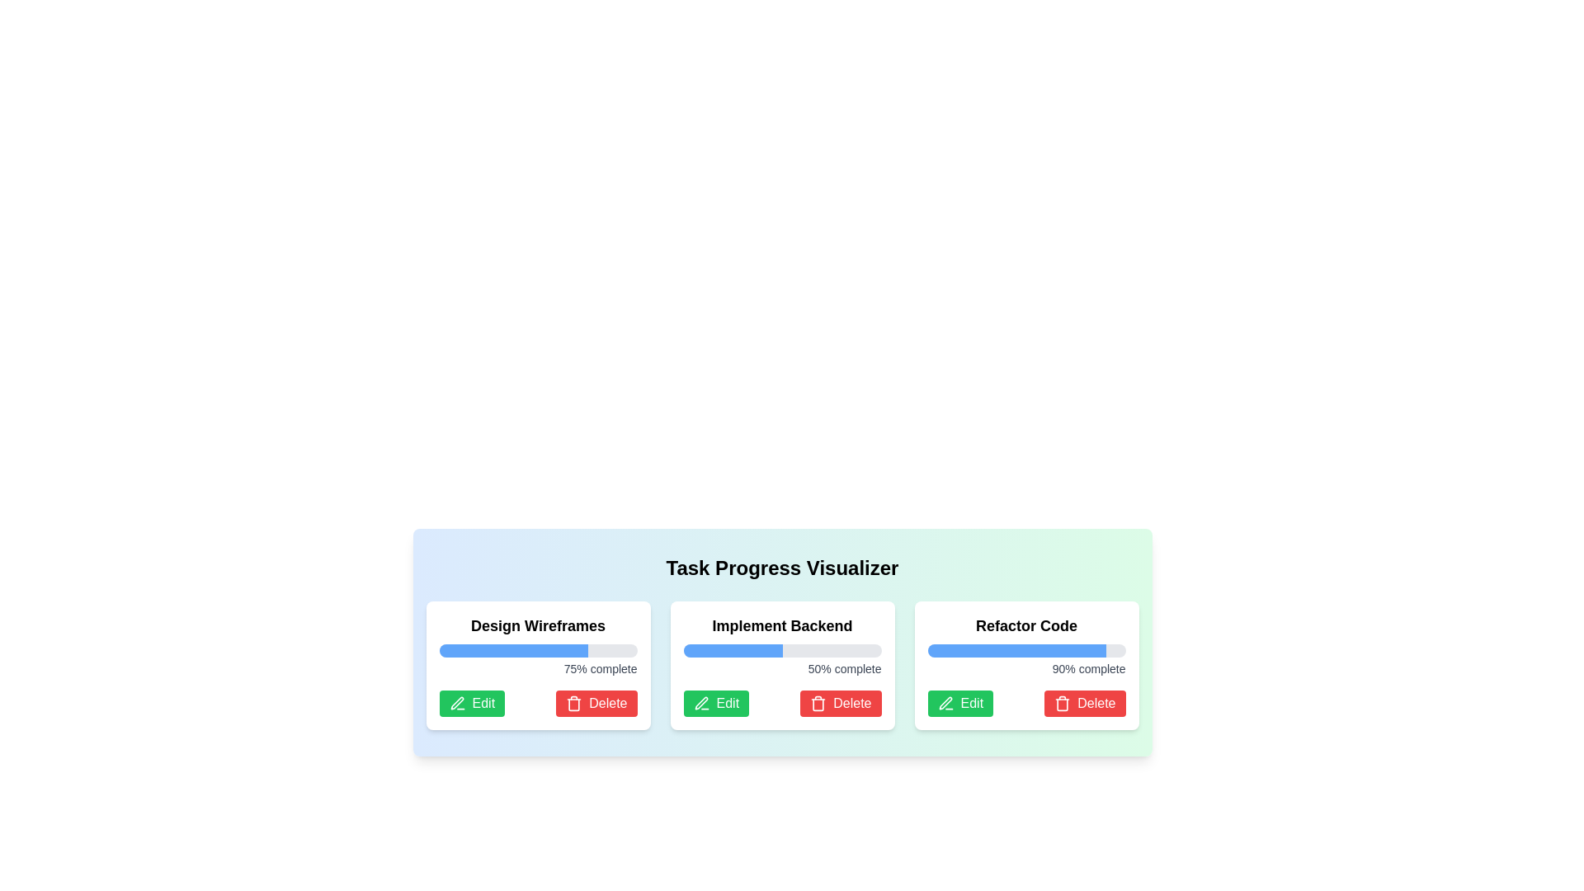 Image resolution: width=1584 pixels, height=891 pixels. Describe the element at coordinates (841, 703) in the screenshot. I see `the delete button positioned to the right of the 'Edit' button, located at the bottom-right of the 'Implement Backend' card` at that location.